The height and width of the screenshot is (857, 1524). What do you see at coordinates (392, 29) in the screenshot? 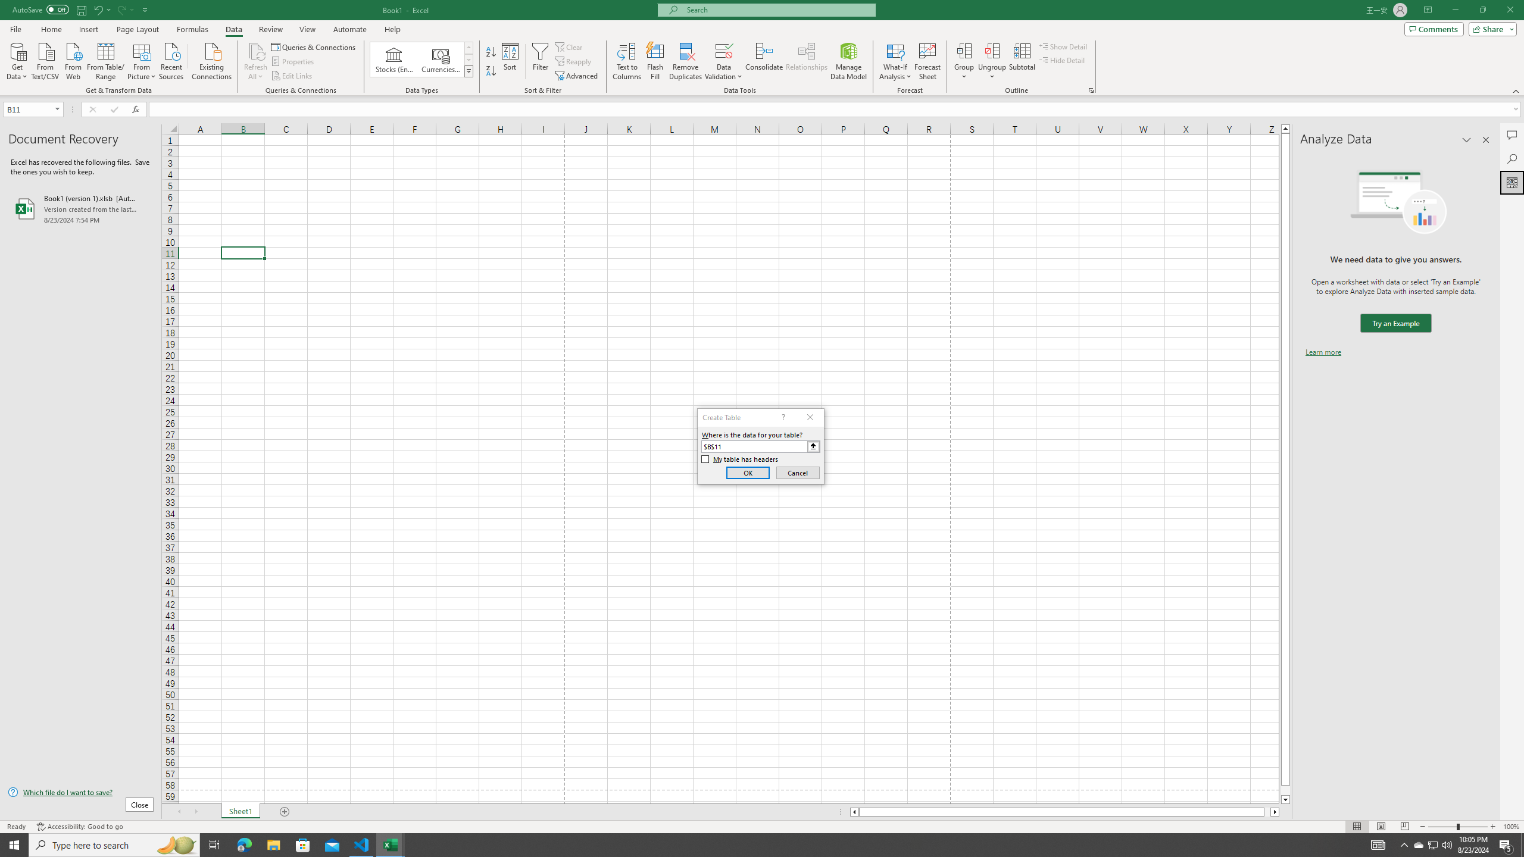
I see `'Help'` at bounding box center [392, 29].